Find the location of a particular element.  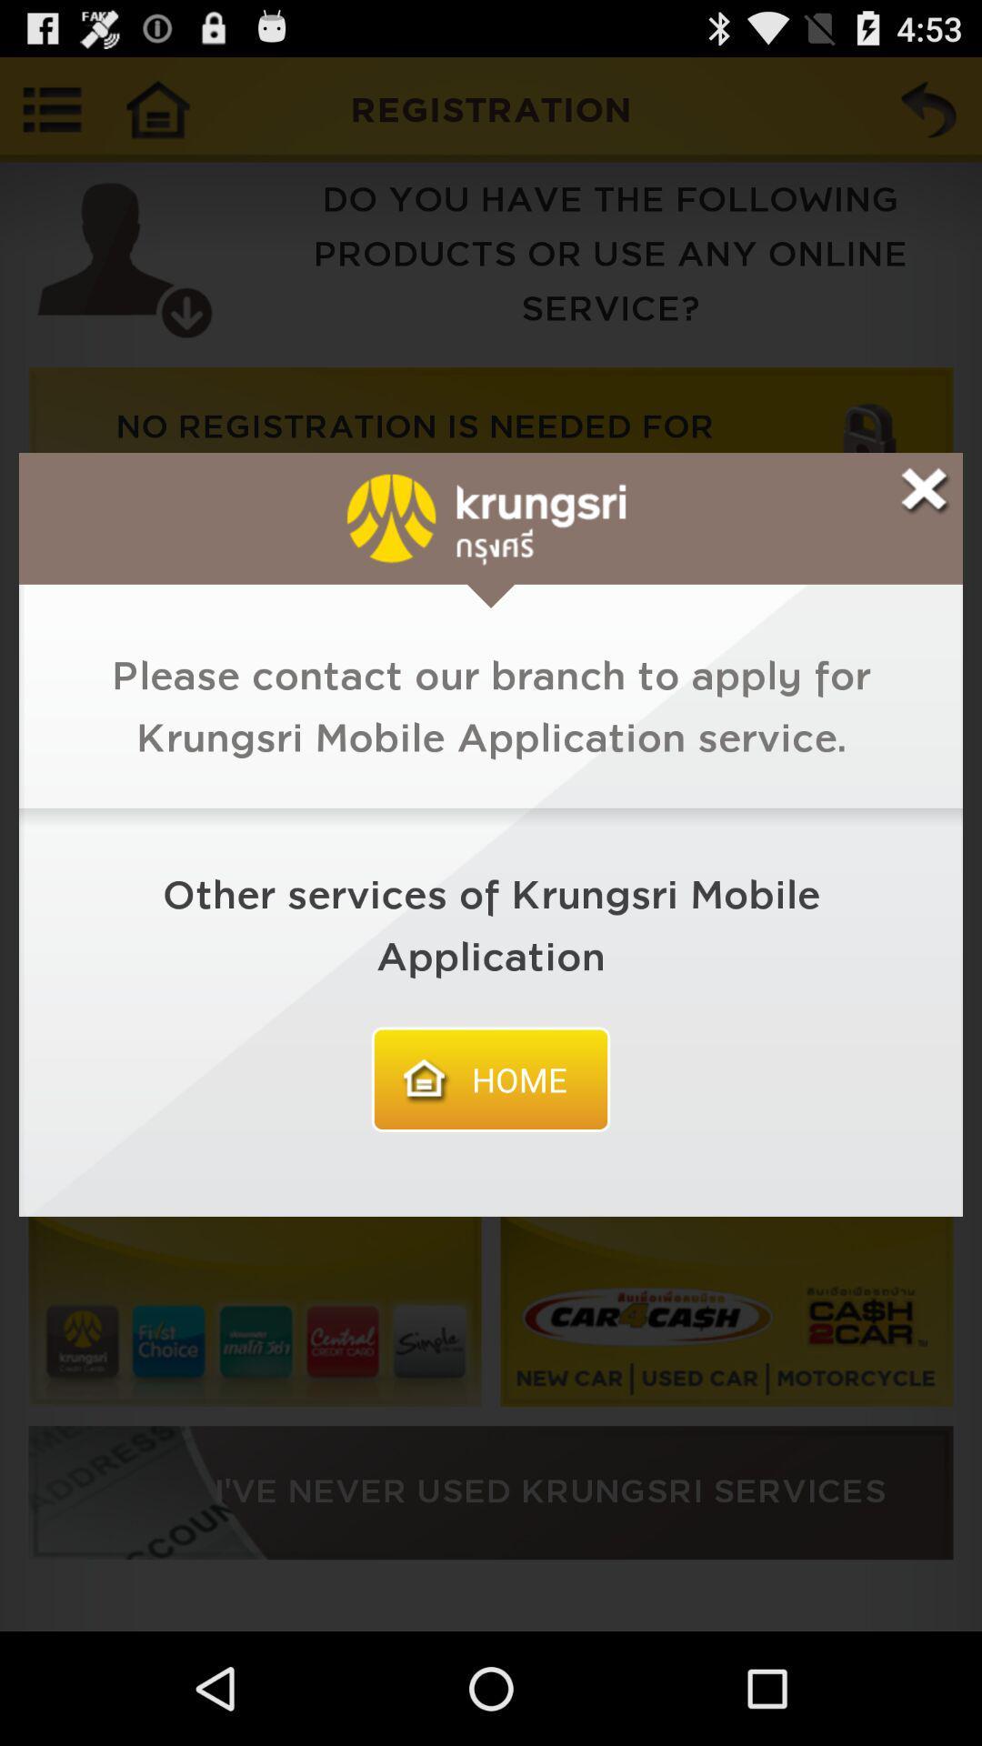

the close icon is located at coordinates (925, 524).